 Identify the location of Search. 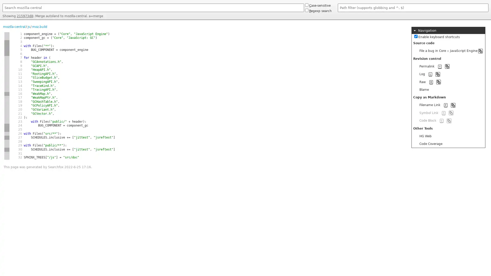
(2, 13).